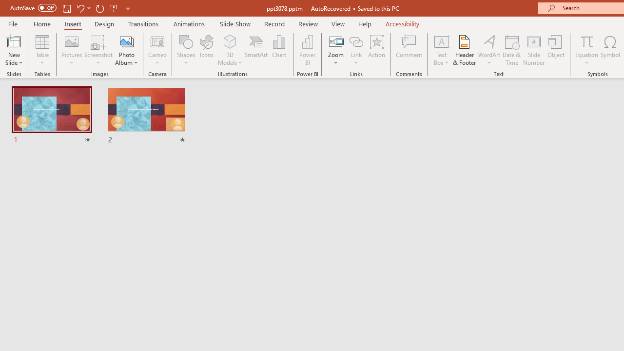 The width and height of the screenshot is (624, 351). What do you see at coordinates (157, 50) in the screenshot?
I see `'Cameo'` at bounding box center [157, 50].